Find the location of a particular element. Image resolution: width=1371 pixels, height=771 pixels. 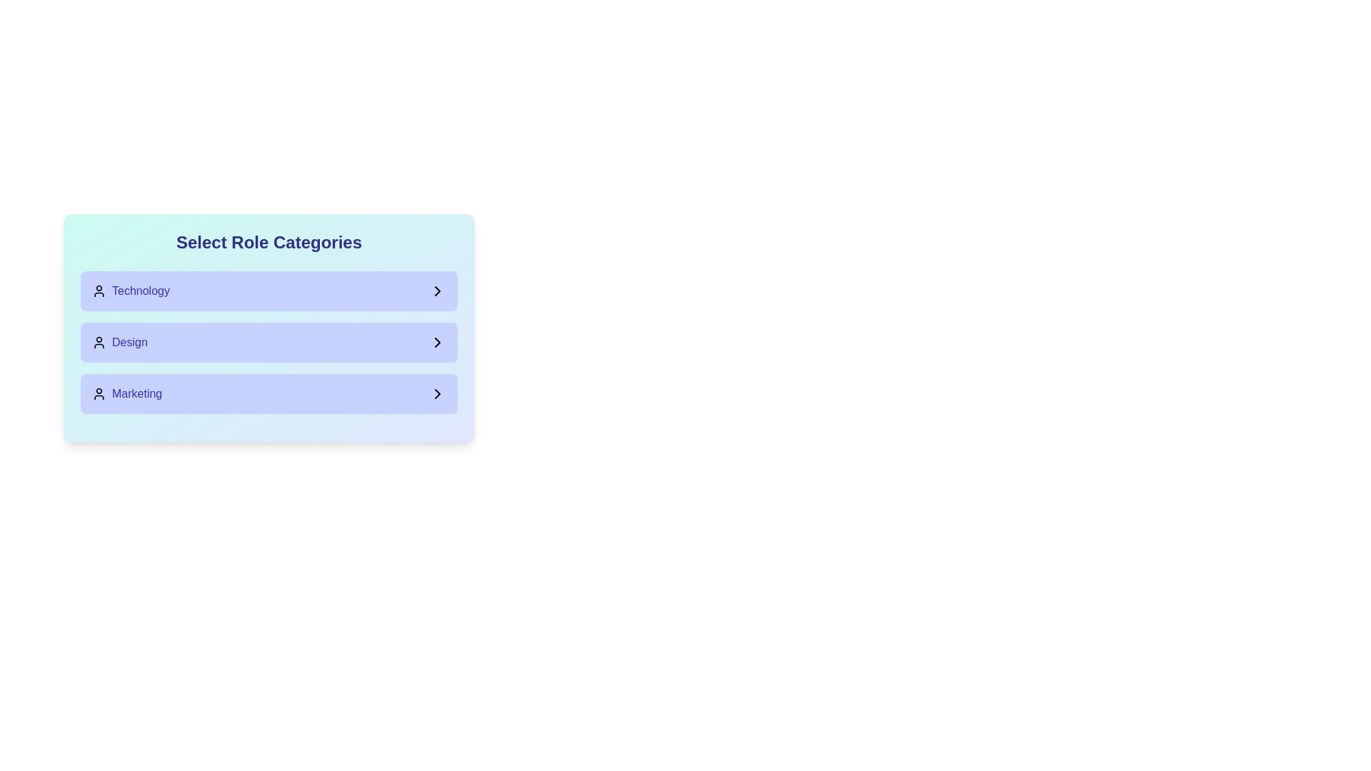

the SVG Icon representing a user or profile within the 'Design' category, which is located to the left of the 'Design' label text is located at coordinates (99, 342).